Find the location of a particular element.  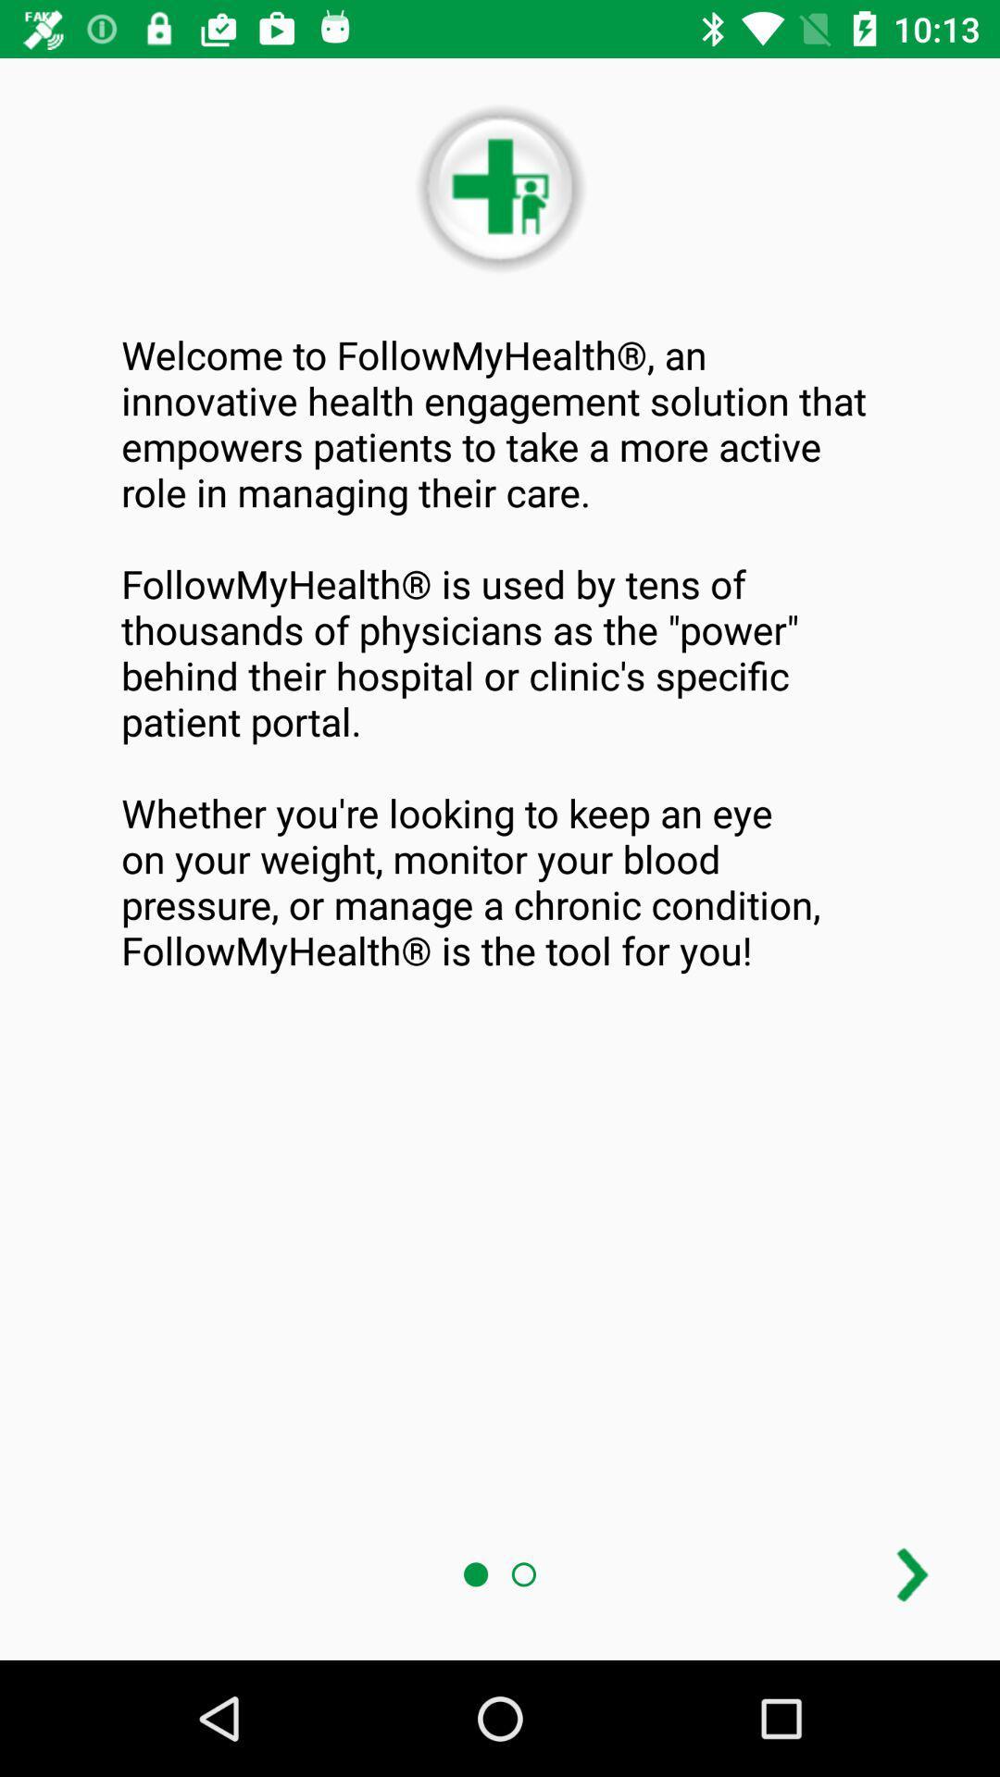

the arrow_forward icon is located at coordinates (911, 1573).